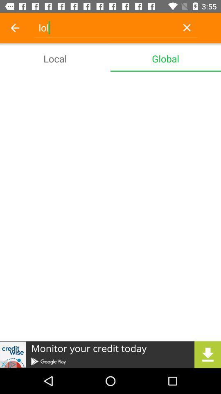  What do you see at coordinates (110, 354) in the screenshot?
I see `advertisement display` at bounding box center [110, 354].